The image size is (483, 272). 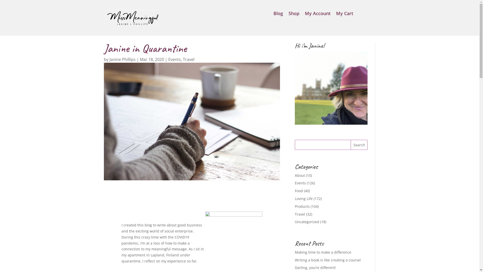 What do you see at coordinates (304, 14) in the screenshot?
I see `'My Account'` at bounding box center [304, 14].